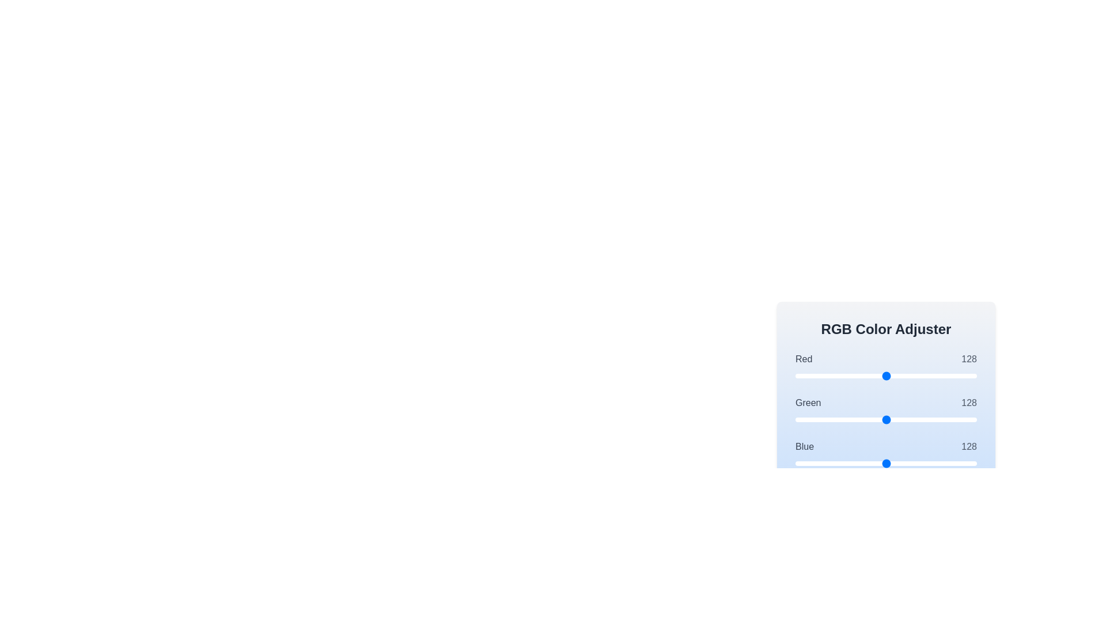 The image size is (1106, 622). I want to click on the red slider to 100 by dragging or clicking on the slider, so click(866, 376).